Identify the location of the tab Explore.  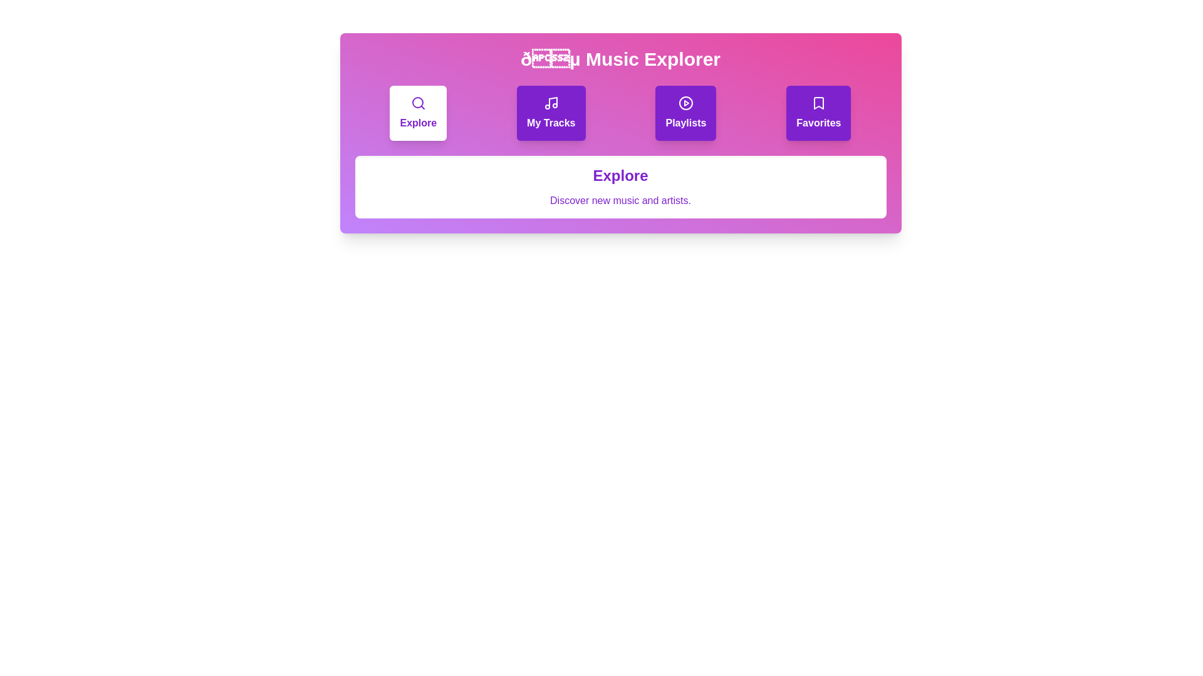
(418, 113).